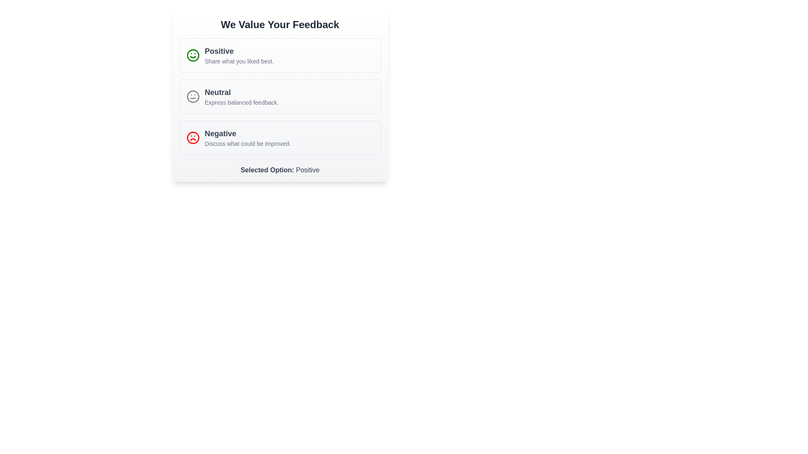  What do you see at coordinates (192, 137) in the screenshot?
I see `the circular graphical element representing the 'Negative' feedback option, which is centrally located within the frowning face icon in the feedback options panel` at bounding box center [192, 137].